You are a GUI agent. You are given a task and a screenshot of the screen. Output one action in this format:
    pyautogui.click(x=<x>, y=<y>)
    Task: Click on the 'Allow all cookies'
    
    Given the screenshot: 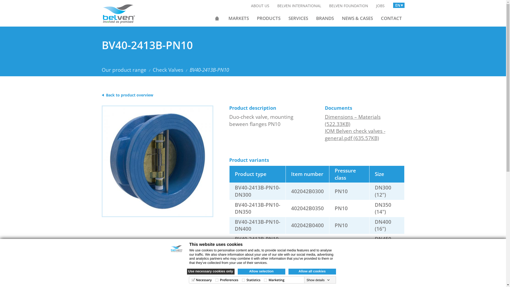 What is the action you would take?
    pyautogui.click(x=312, y=272)
    